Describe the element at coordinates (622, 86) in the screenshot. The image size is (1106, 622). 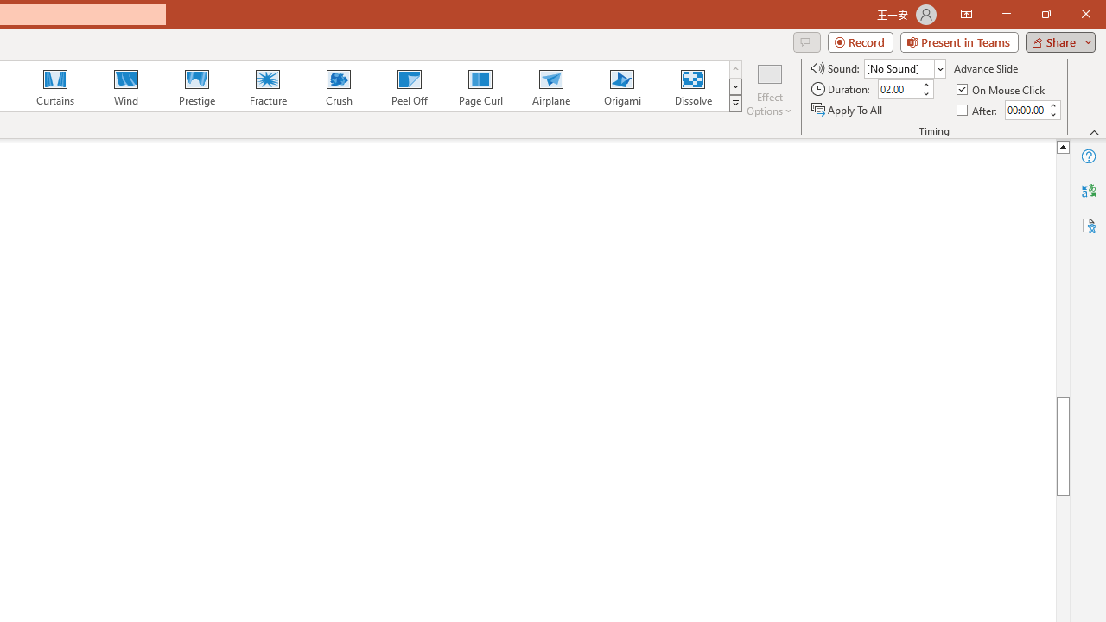
I see `'Origami'` at that location.